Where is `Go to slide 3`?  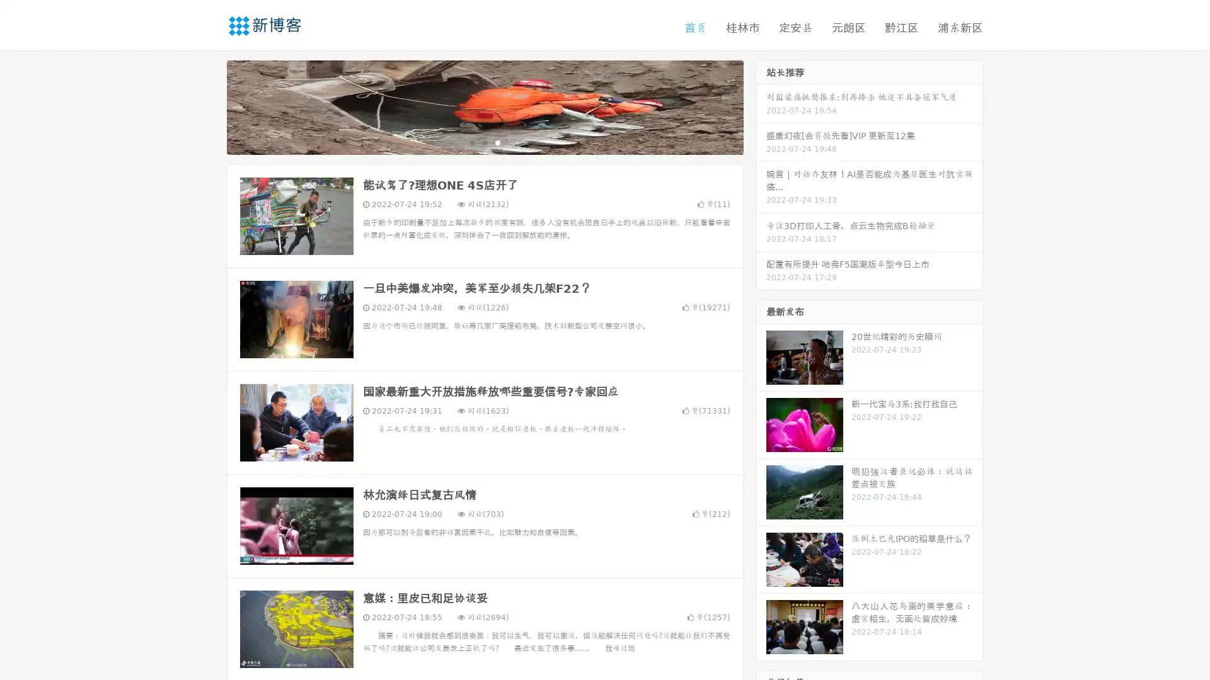 Go to slide 3 is located at coordinates (497, 142).